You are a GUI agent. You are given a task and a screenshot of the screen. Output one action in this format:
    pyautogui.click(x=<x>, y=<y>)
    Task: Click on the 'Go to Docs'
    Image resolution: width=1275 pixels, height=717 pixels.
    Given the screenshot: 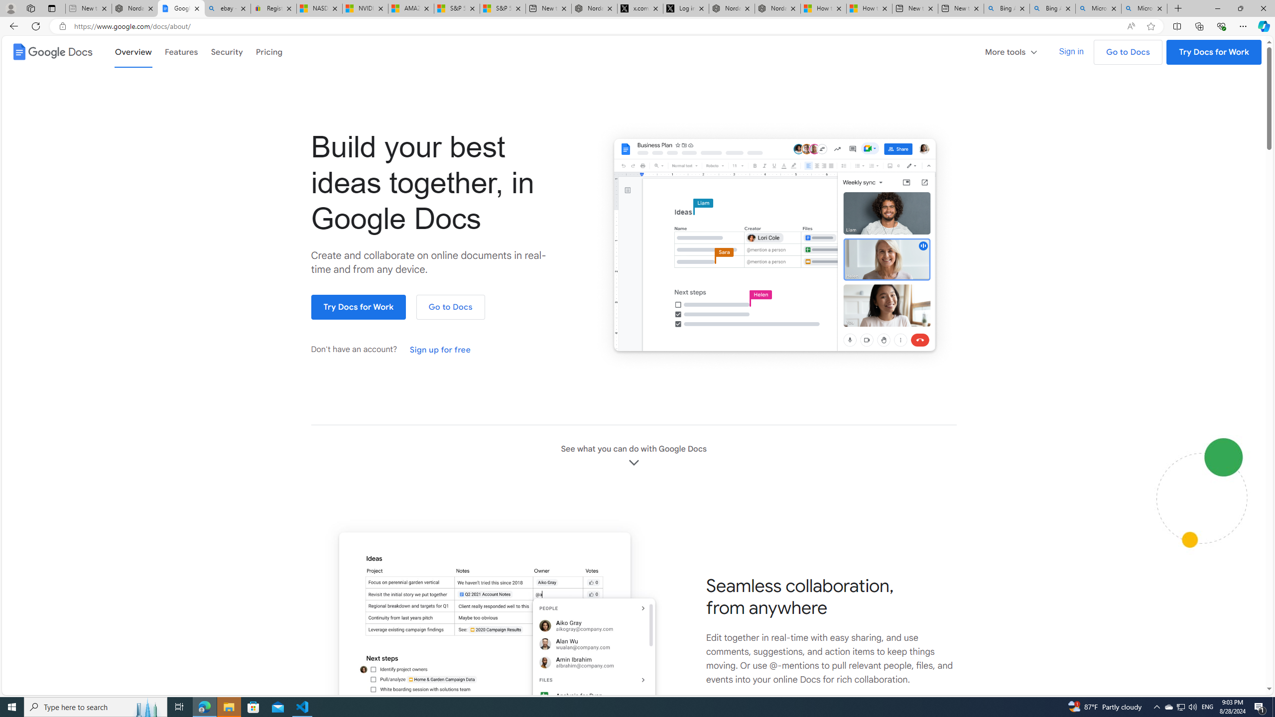 What is the action you would take?
    pyautogui.click(x=449, y=307)
    